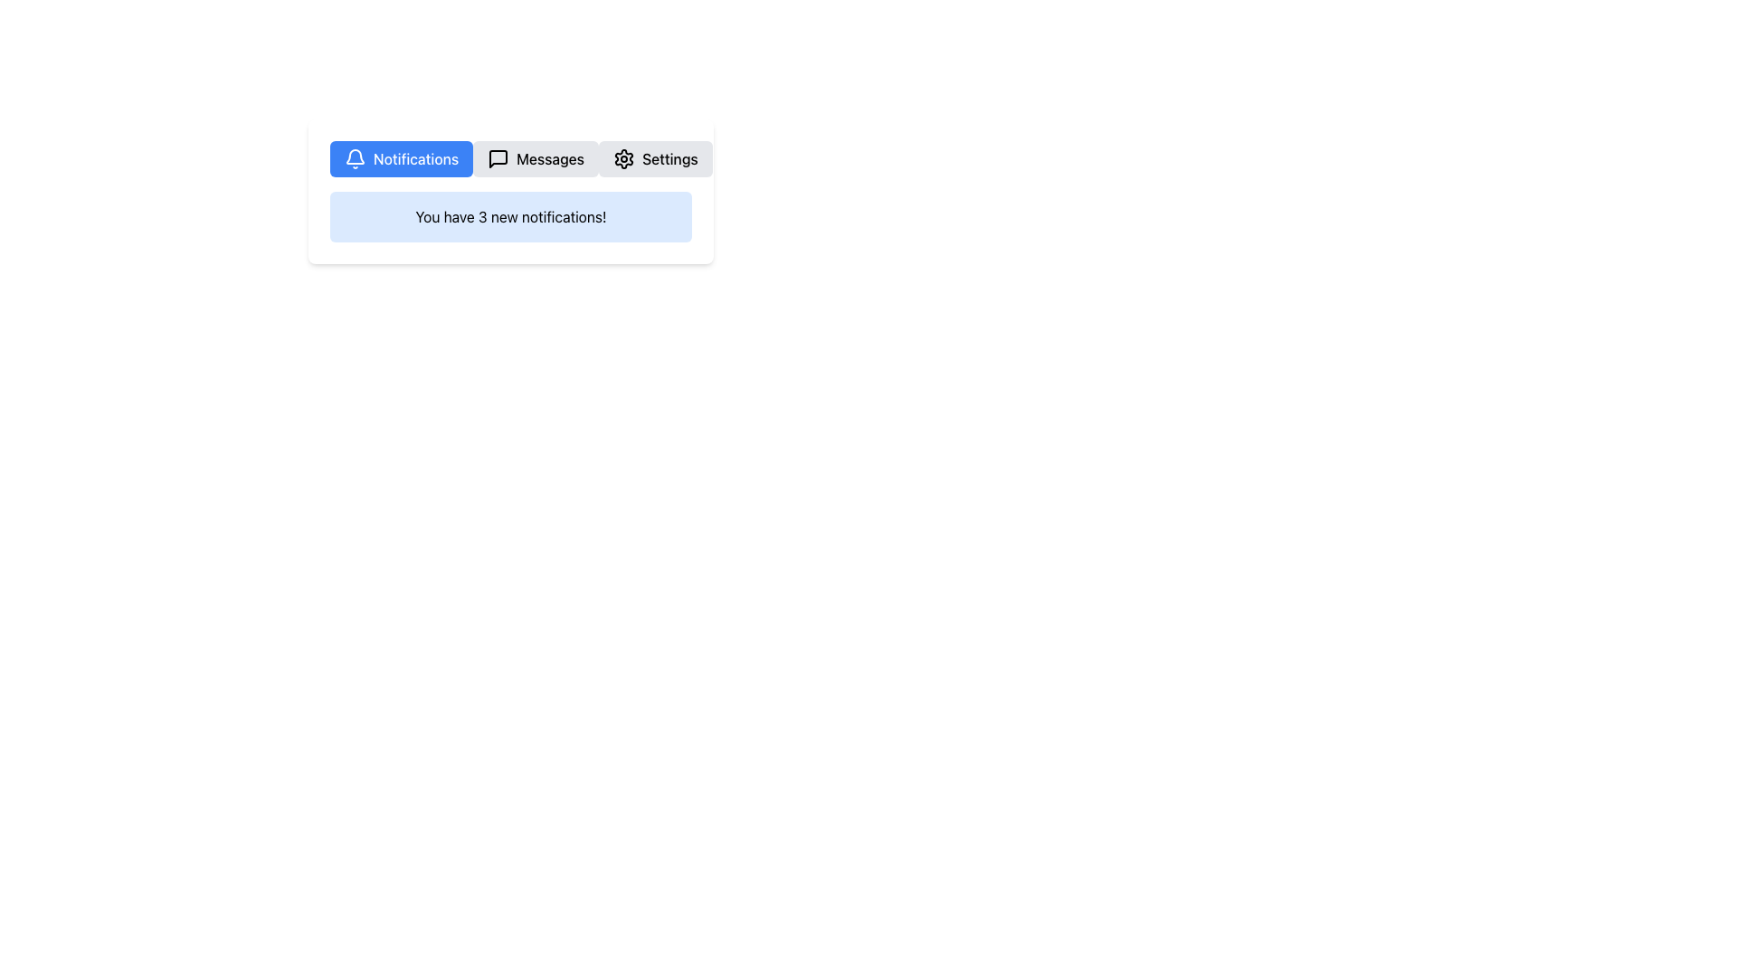 This screenshot has height=977, width=1737. Describe the element at coordinates (356, 158) in the screenshot. I see `the bell icon` at that location.